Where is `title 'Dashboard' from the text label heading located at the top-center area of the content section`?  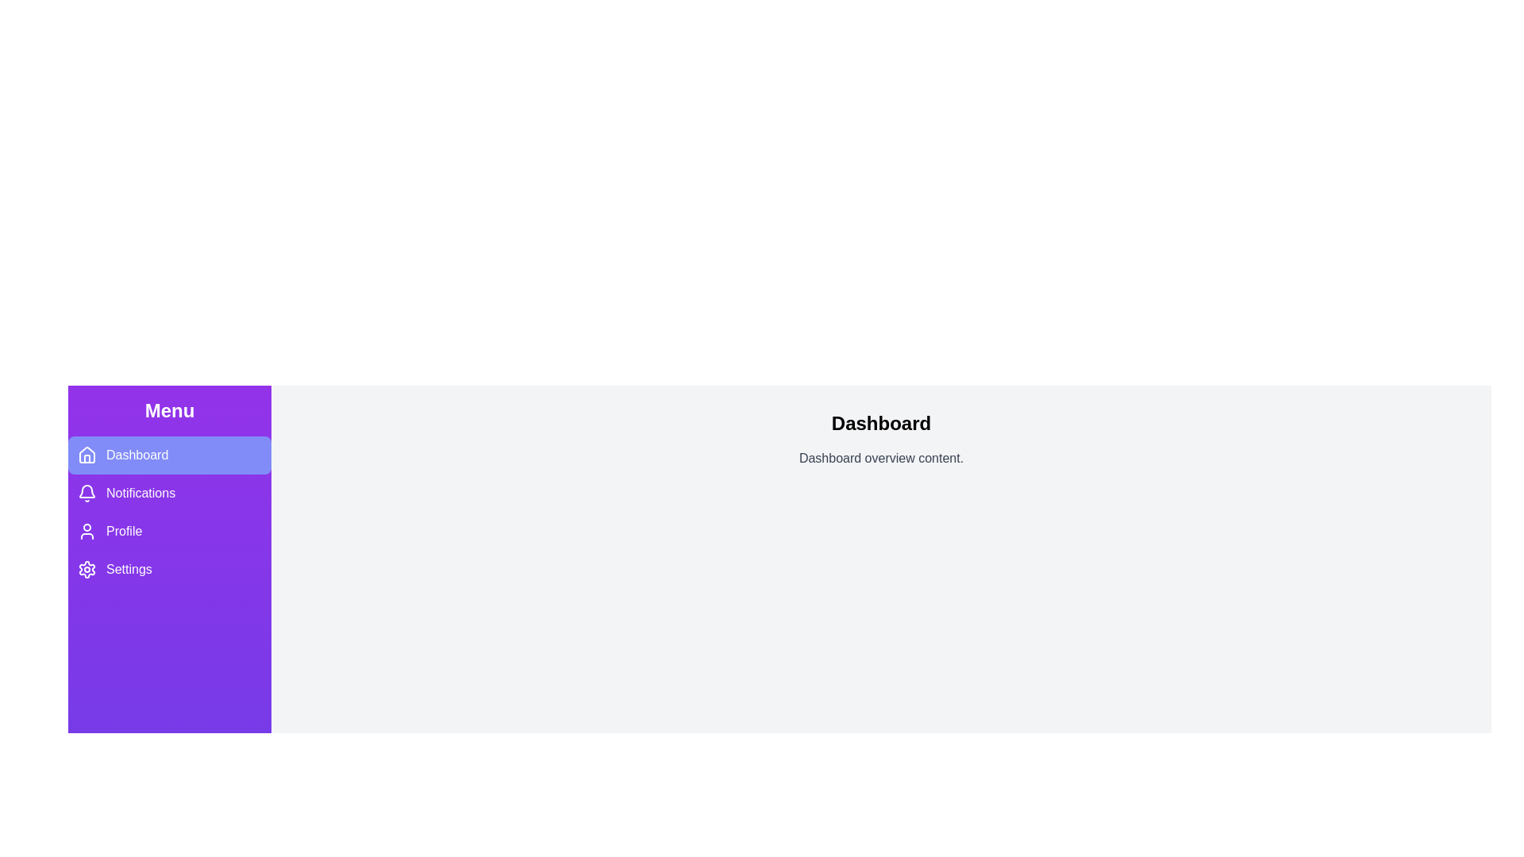 title 'Dashboard' from the text label heading located at the top-center area of the content section is located at coordinates (880, 422).